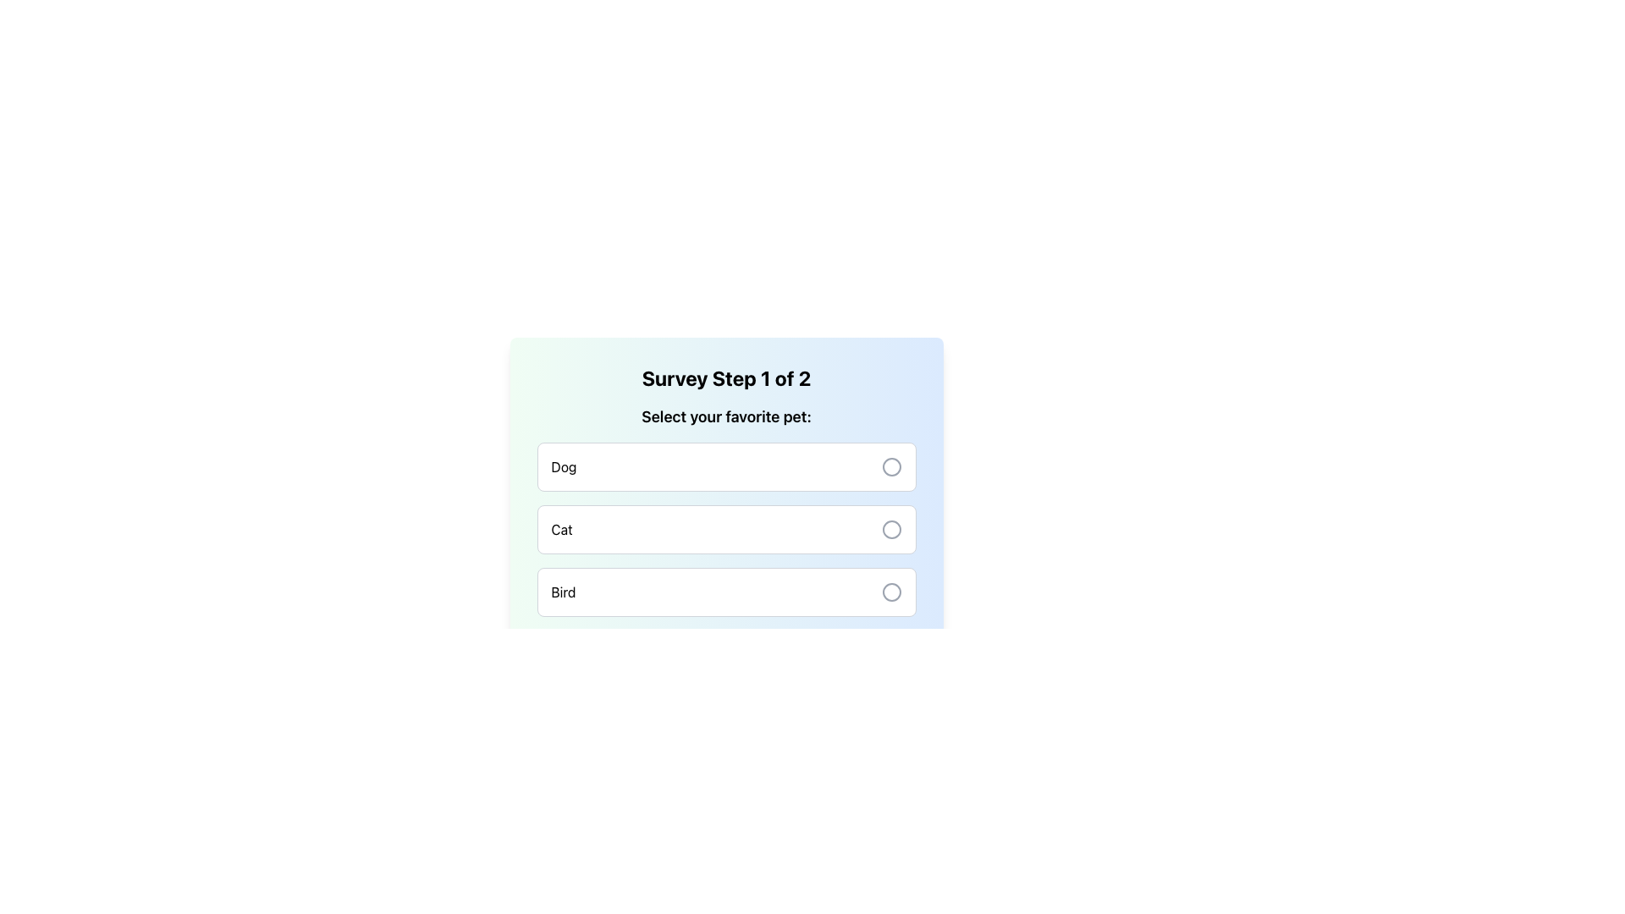  What do you see at coordinates (562, 528) in the screenshot?
I see `the 'Cat' text label in the second option group of the survey interface, which serves as an identifier for selecting 'Cat' as a favorite pet` at bounding box center [562, 528].